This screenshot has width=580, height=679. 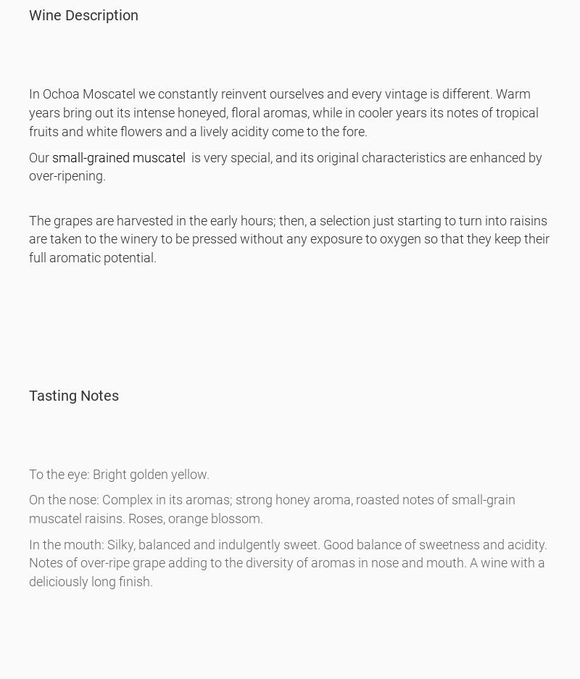 What do you see at coordinates (28, 509) in the screenshot?
I see `'On the nose: Complex in its aromas; strong honey aroma, roasted notes of small-grain muscatel raisins. Roses, orange blossom.'` at bounding box center [28, 509].